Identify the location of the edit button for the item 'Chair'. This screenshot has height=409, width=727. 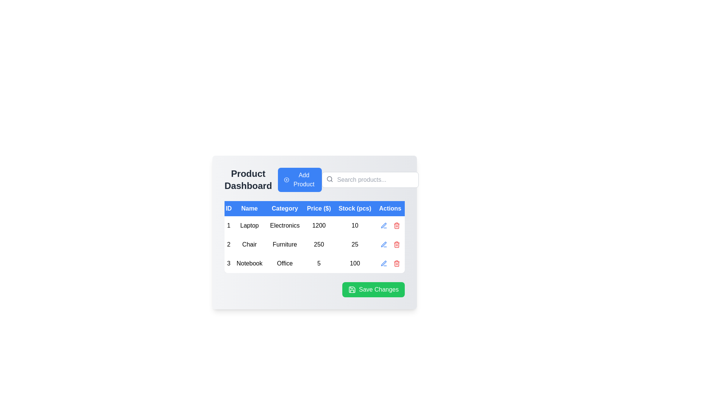
(384, 244).